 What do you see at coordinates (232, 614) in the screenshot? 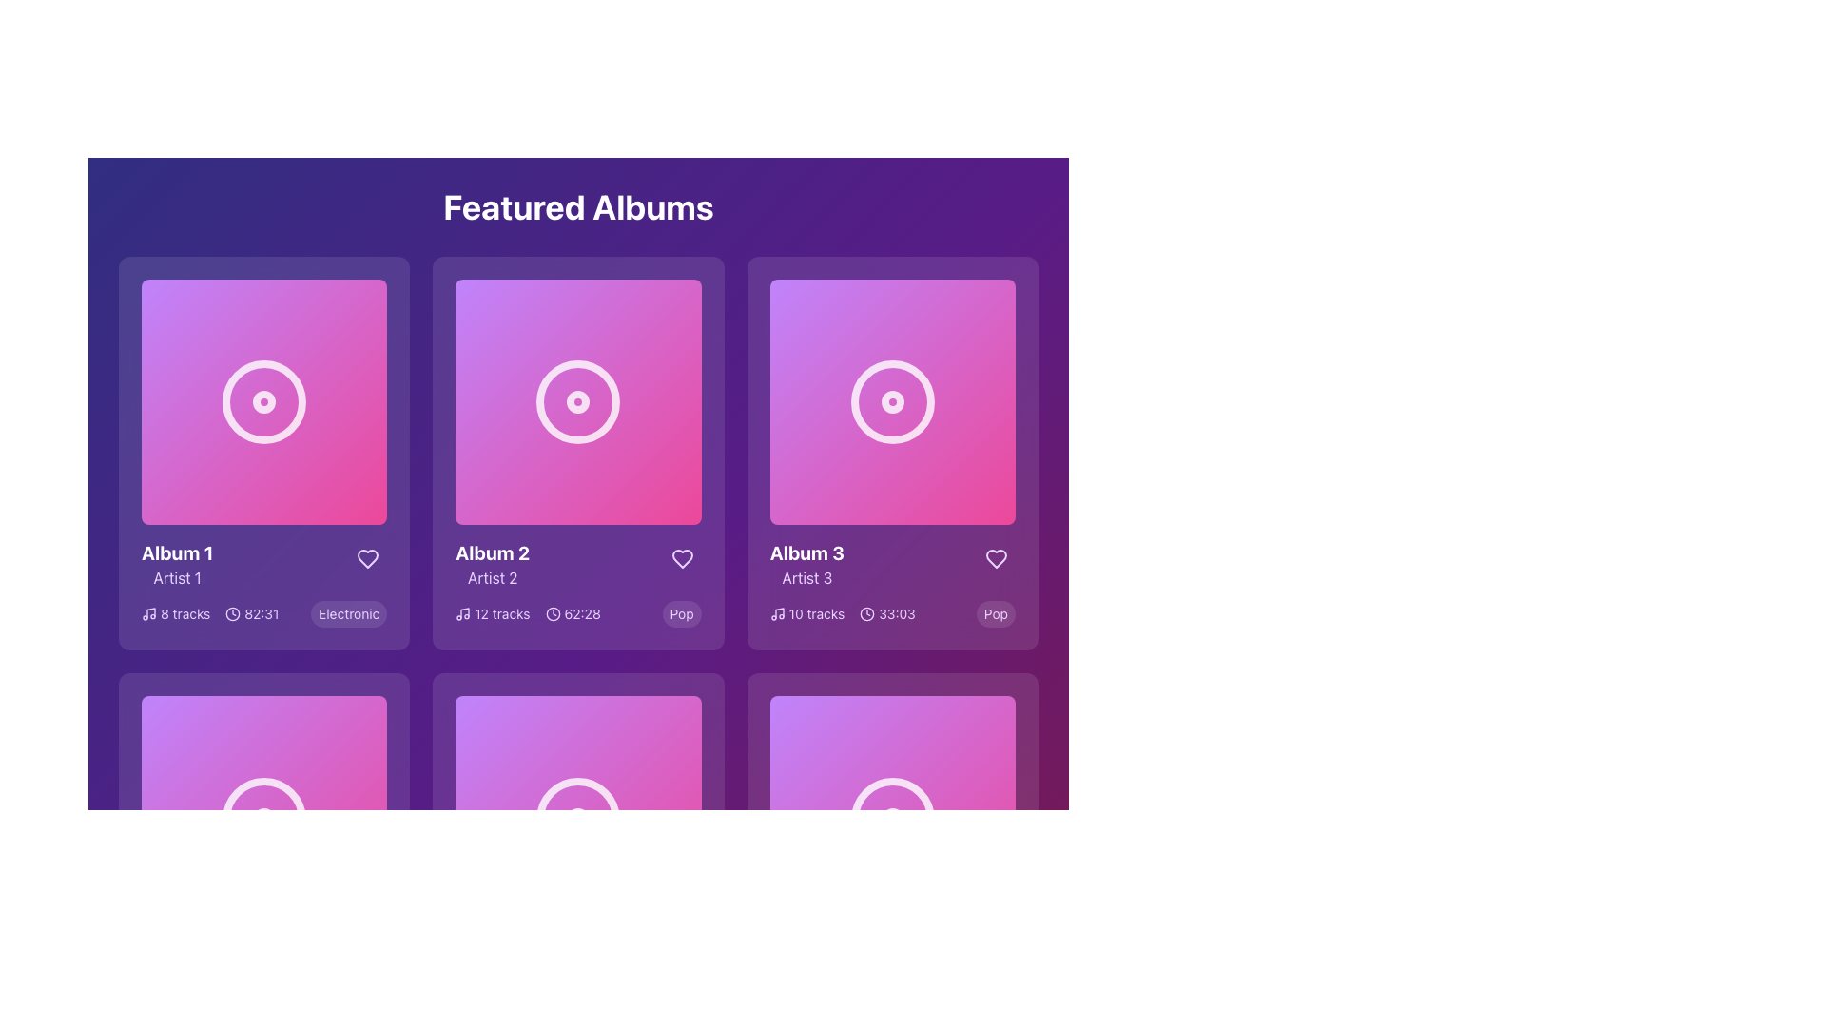
I see `the time-related icon next to the text '82:31' in the card labeled 'Album 1' located in the first row and first column of the album grid` at bounding box center [232, 614].